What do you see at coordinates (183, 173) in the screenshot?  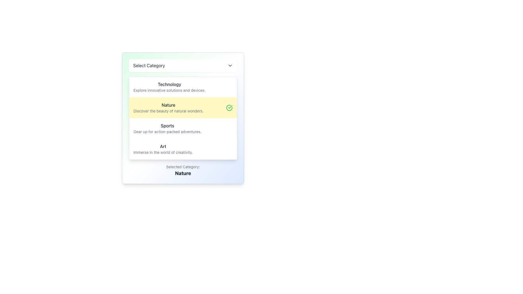 I see `the text label that displays the currently selected category, which is 'Nature', located beneath the list of selectable categories` at bounding box center [183, 173].